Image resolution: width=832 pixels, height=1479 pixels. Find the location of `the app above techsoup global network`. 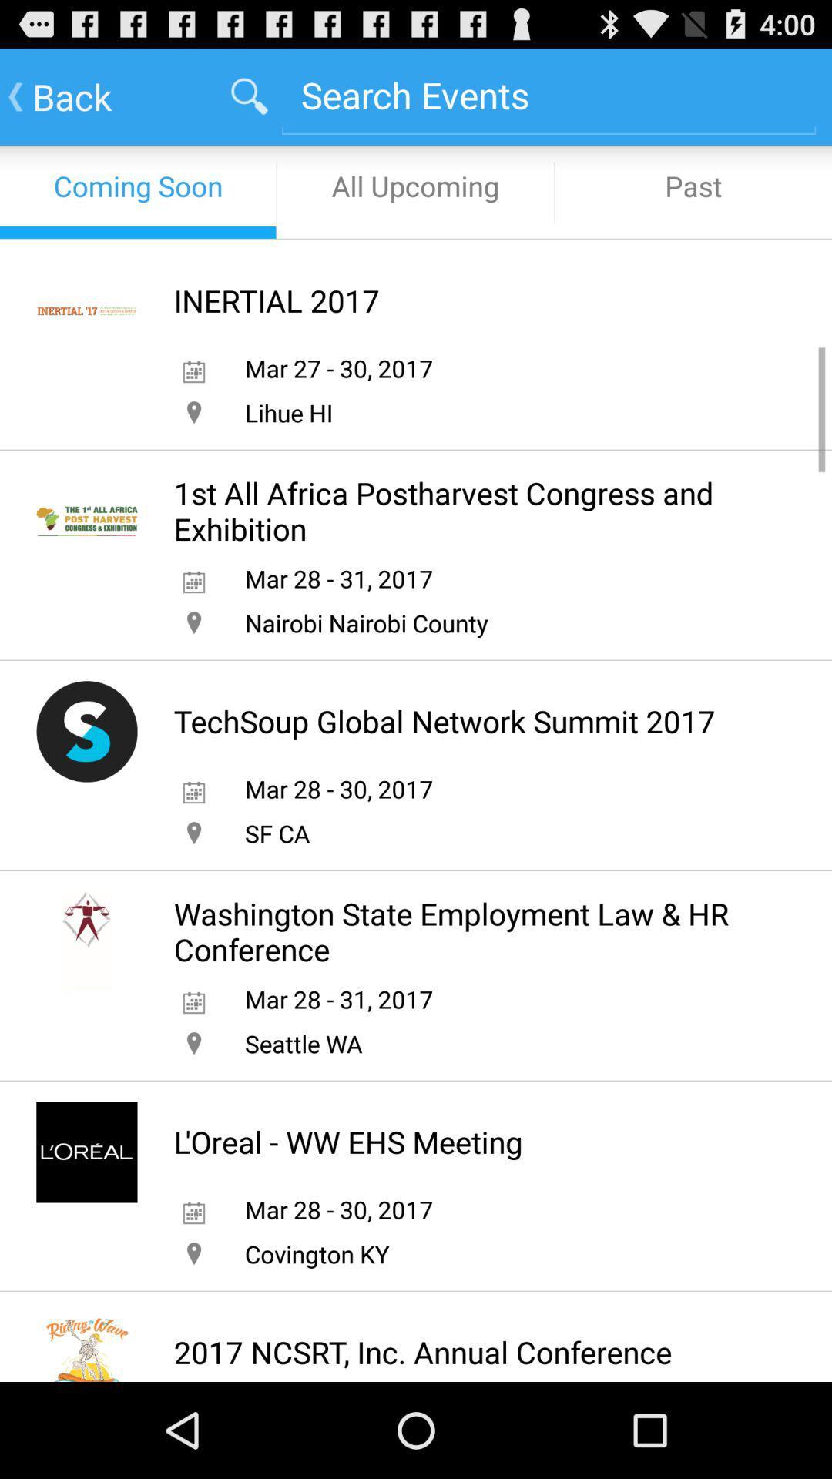

the app above techsoup global network is located at coordinates (366, 622).